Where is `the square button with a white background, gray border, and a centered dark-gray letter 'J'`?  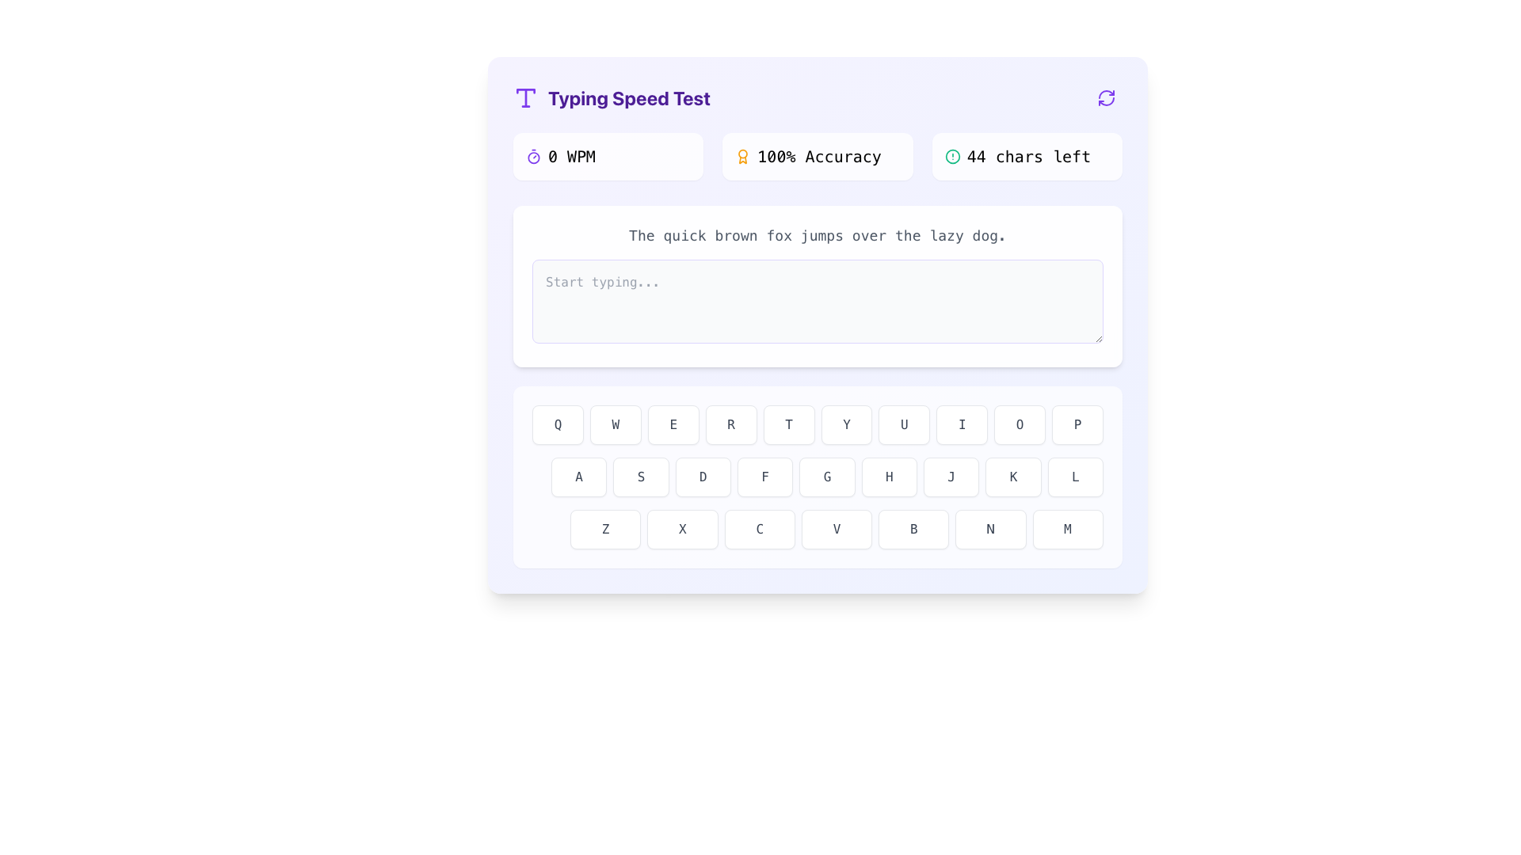
the square button with a white background, gray border, and a centered dark-gray letter 'J' is located at coordinates (951, 476).